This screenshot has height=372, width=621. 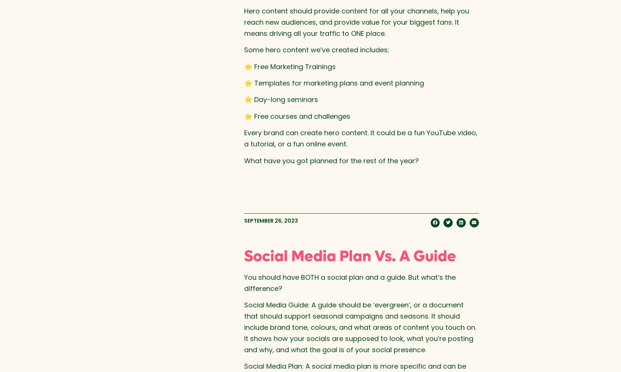 What do you see at coordinates (359, 326) in the screenshot?
I see `'Social Media Guide: A guide should be ‘evergreen’, or a document that should support seasonal campaigns and seasons. It should include brand tone, colours, and what areas of content you touch on. It shows how your socials are supposed to look, what you’re posting and why, and what the goal is of your social presence.'` at bounding box center [359, 326].